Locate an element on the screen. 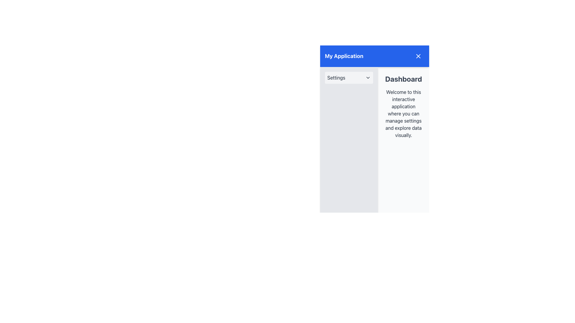  the small blue button with a white 'X' mark located at the top-right corner of the header bar in the application is located at coordinates (418, 56).